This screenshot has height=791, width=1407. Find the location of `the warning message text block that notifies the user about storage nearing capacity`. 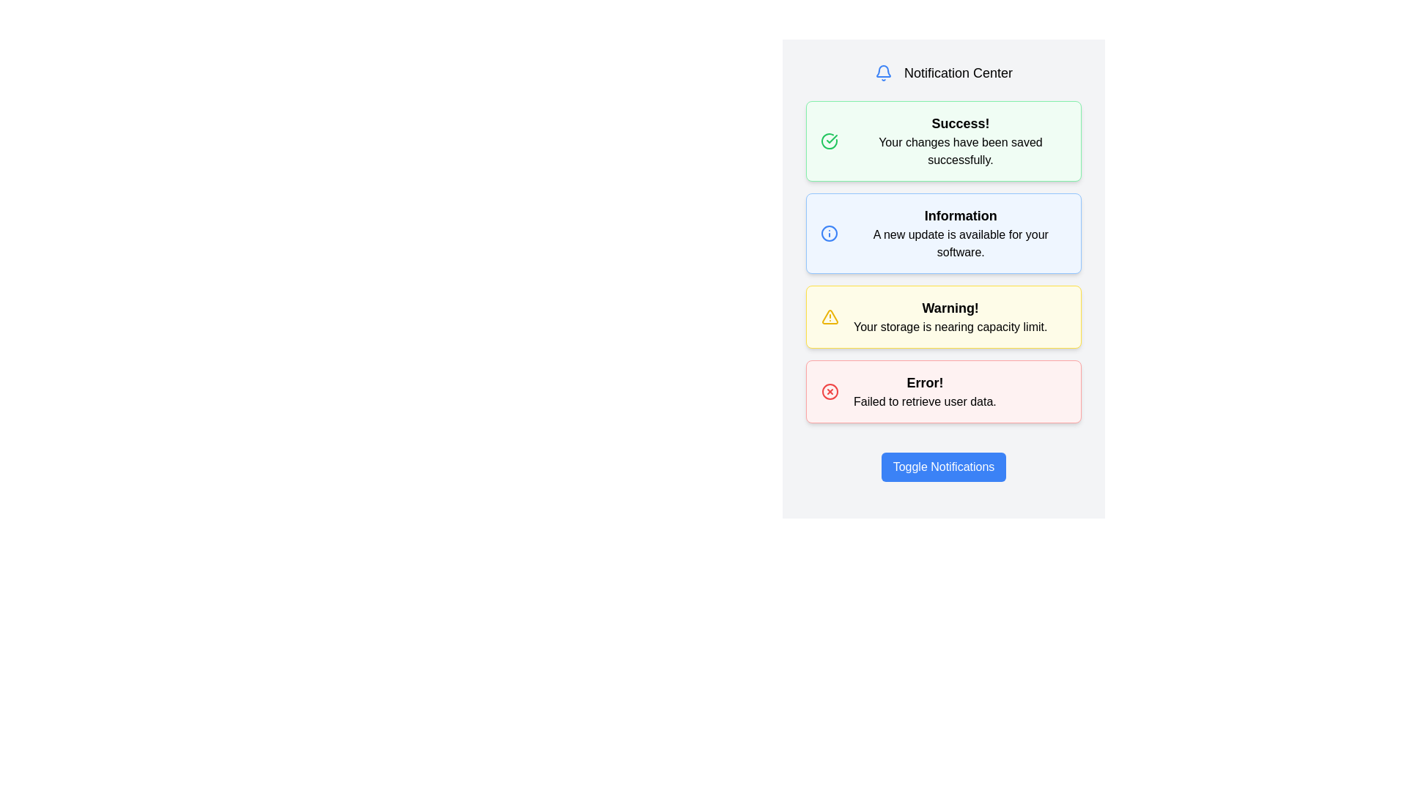

the warning message text block that notifies the user about storage nearing capacity is located at coordinates (950, 316).